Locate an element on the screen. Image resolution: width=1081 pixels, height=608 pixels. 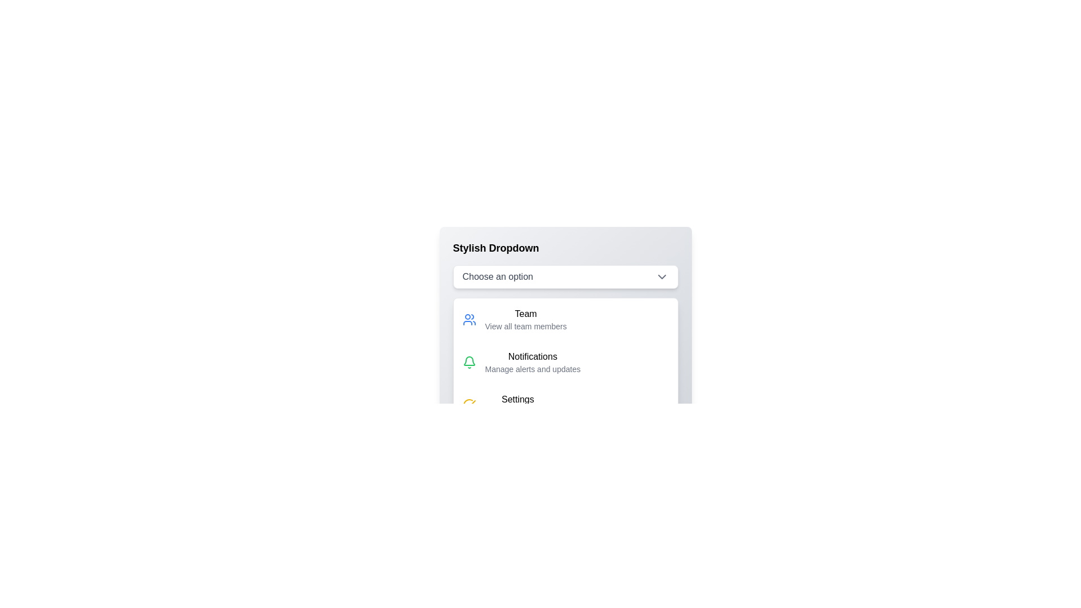
the notification icon that is positioned to the far-left of the 'Notifications' text label in the dropdown entry is located at coordinates (469, 363).